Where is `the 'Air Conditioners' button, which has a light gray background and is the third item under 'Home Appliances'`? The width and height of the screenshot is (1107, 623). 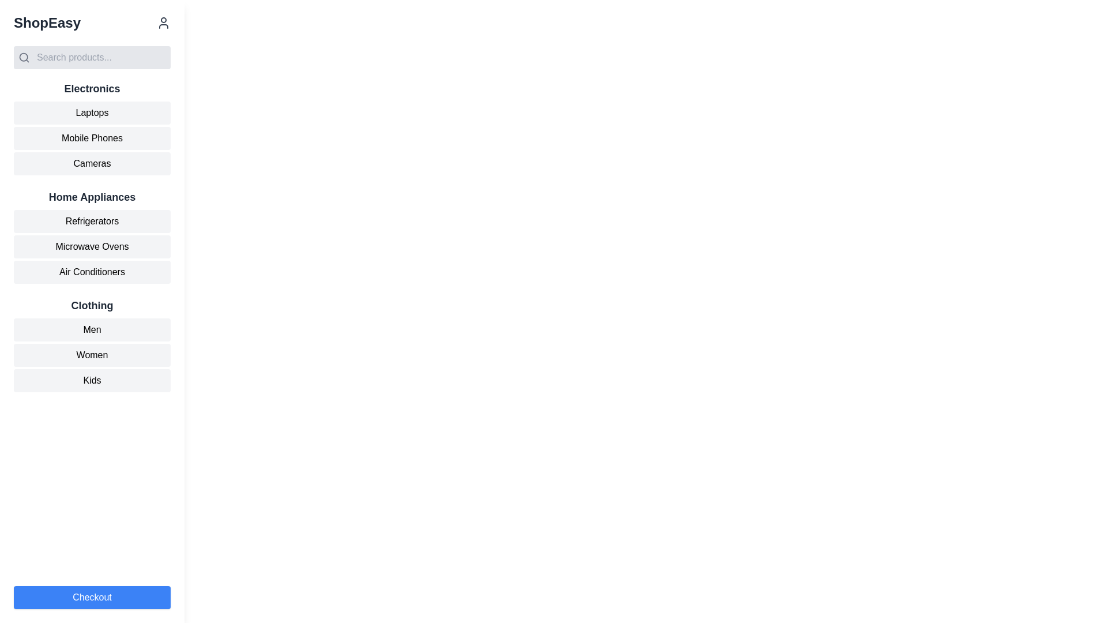
the 'Air Conditioners' button, which has a light gray background and is the third item under 'Home Appliances' is located at coordinates (91, 272).